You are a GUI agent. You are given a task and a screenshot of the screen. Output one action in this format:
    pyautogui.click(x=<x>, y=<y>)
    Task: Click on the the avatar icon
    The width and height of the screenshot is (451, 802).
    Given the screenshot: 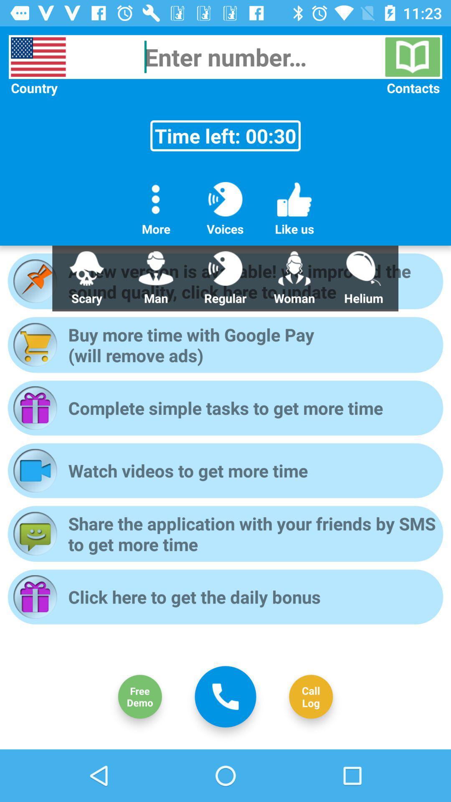 What is the action you would take?
    pyautogui.click(x=139, y=697)
    